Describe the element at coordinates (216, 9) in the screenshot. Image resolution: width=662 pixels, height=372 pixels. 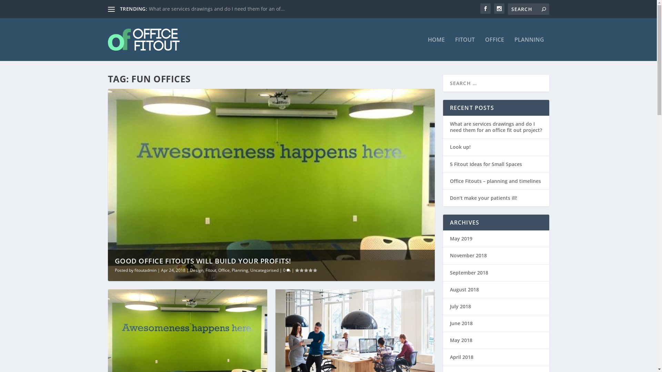
I see `'What are services drawings and do I need them for an of...'` at that location.